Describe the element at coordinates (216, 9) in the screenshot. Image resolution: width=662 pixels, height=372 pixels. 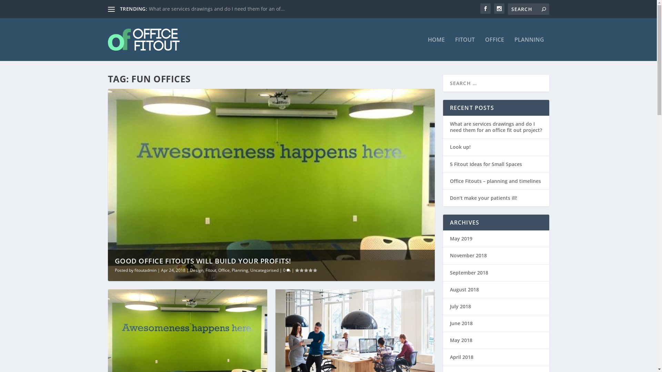
I see `'What are services drawings and do I need them for an of...'` at that location.